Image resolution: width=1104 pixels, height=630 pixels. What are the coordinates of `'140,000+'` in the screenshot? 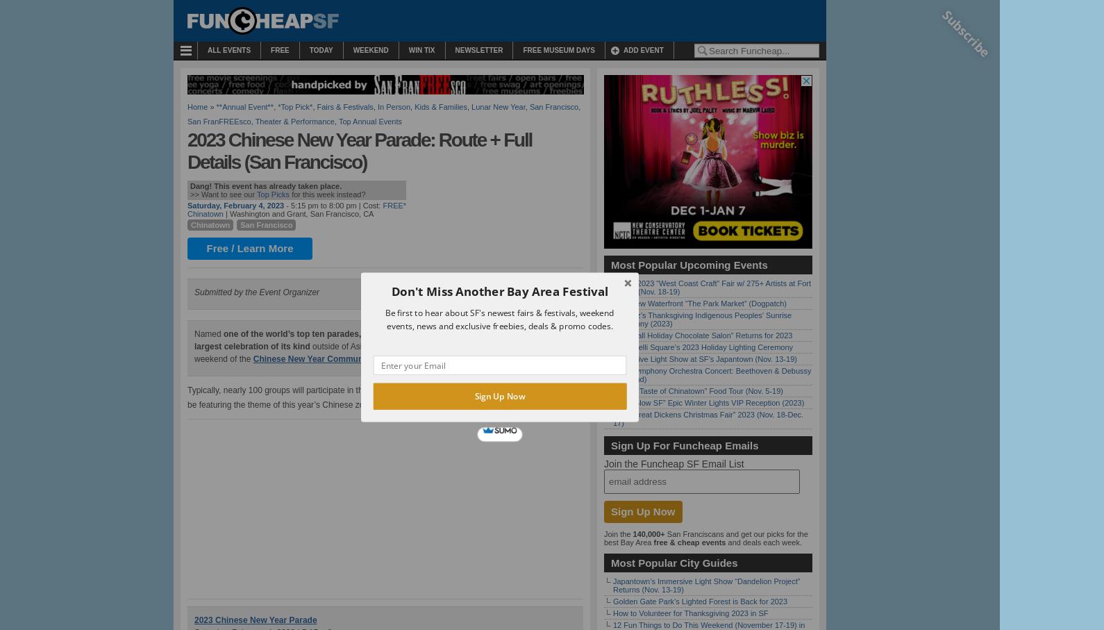 It's located at (633, 533).